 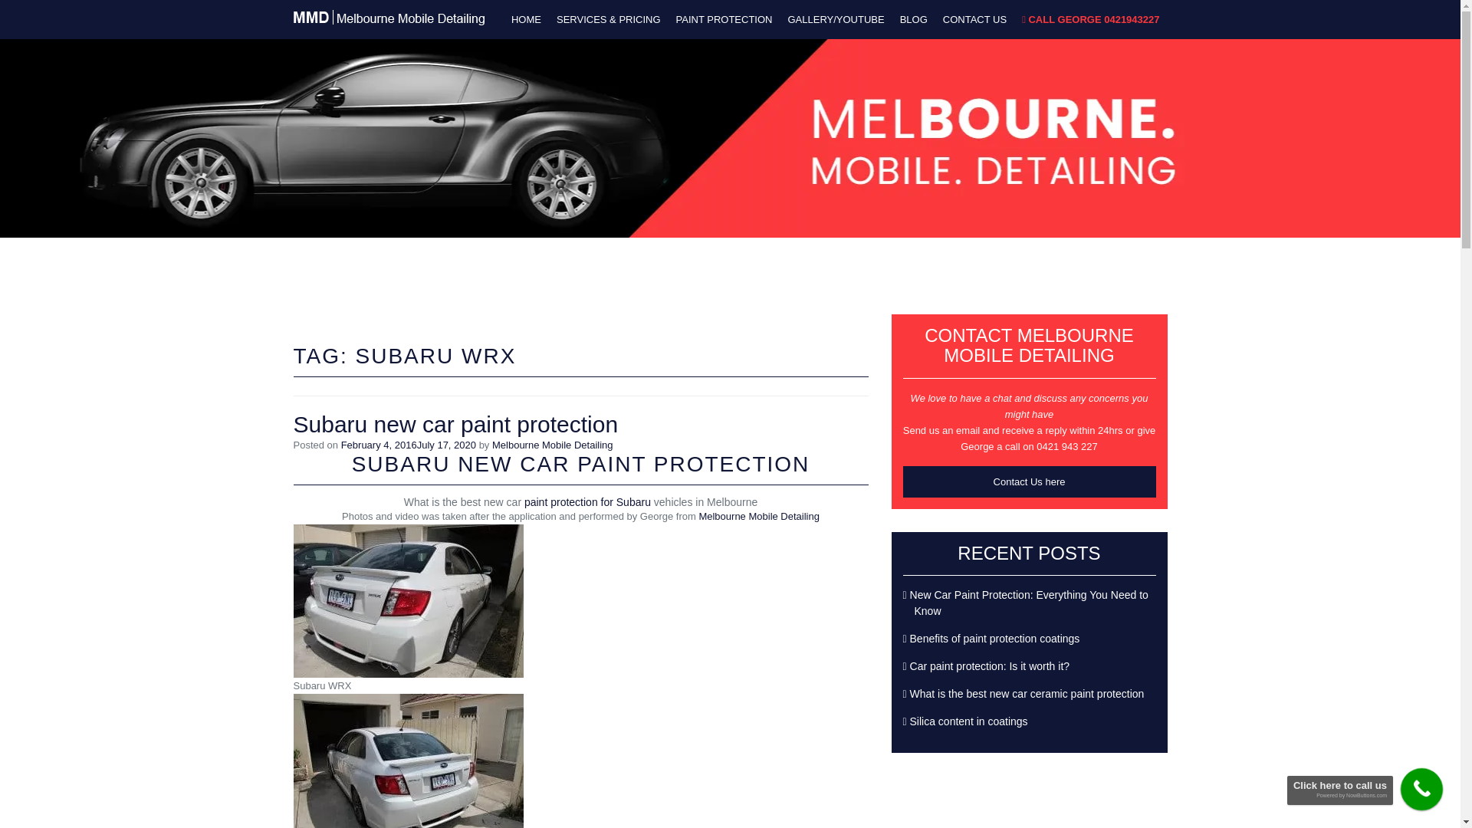 What do you see at coordinates (834, 19) in the screenshot?
I see `'GALLERY/YOUTUBE'` at bounding box center [834, 19].